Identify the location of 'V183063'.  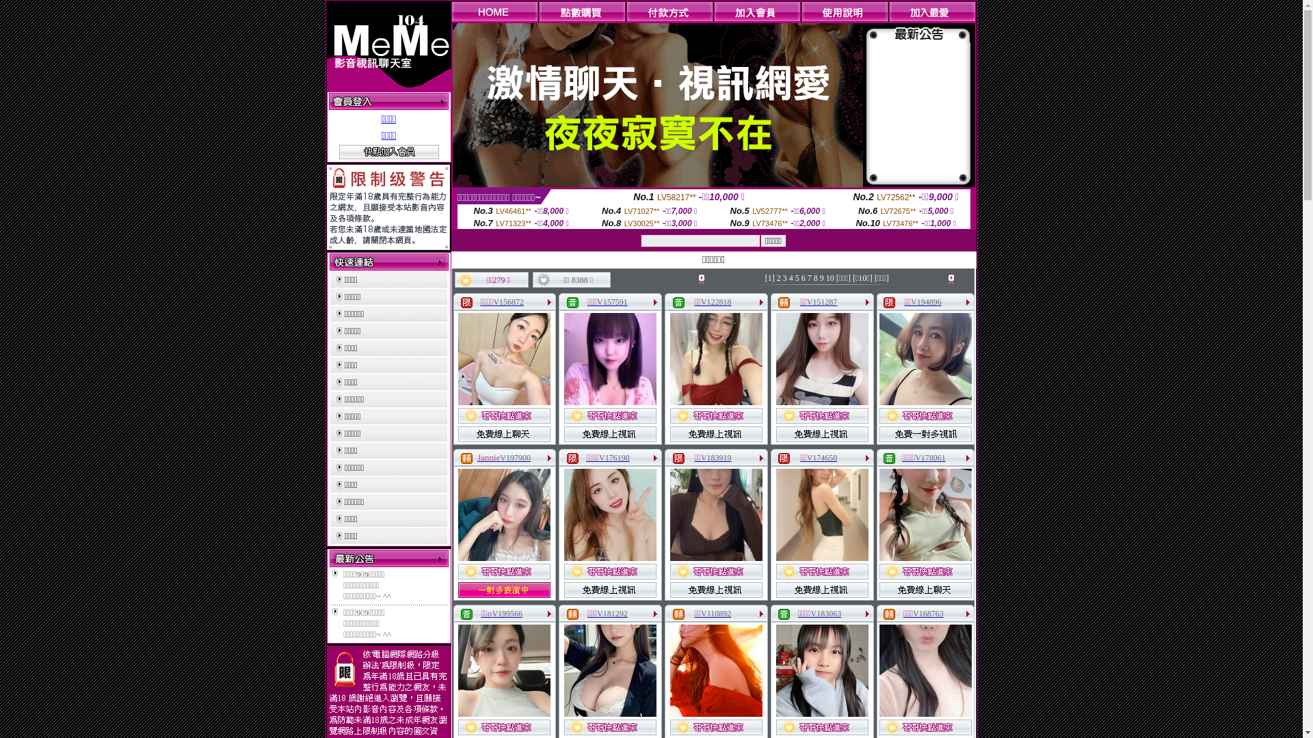
(825, 613).